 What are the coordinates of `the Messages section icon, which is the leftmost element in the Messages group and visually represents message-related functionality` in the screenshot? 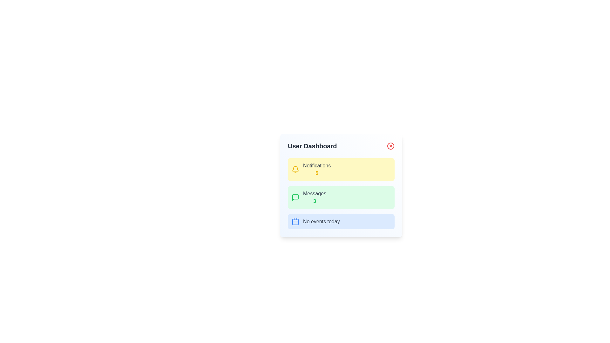 It's located at (295, 197).